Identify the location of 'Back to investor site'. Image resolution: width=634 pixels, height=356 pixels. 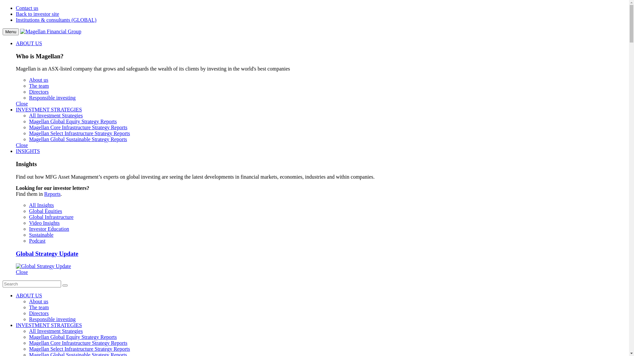
(37, 14).